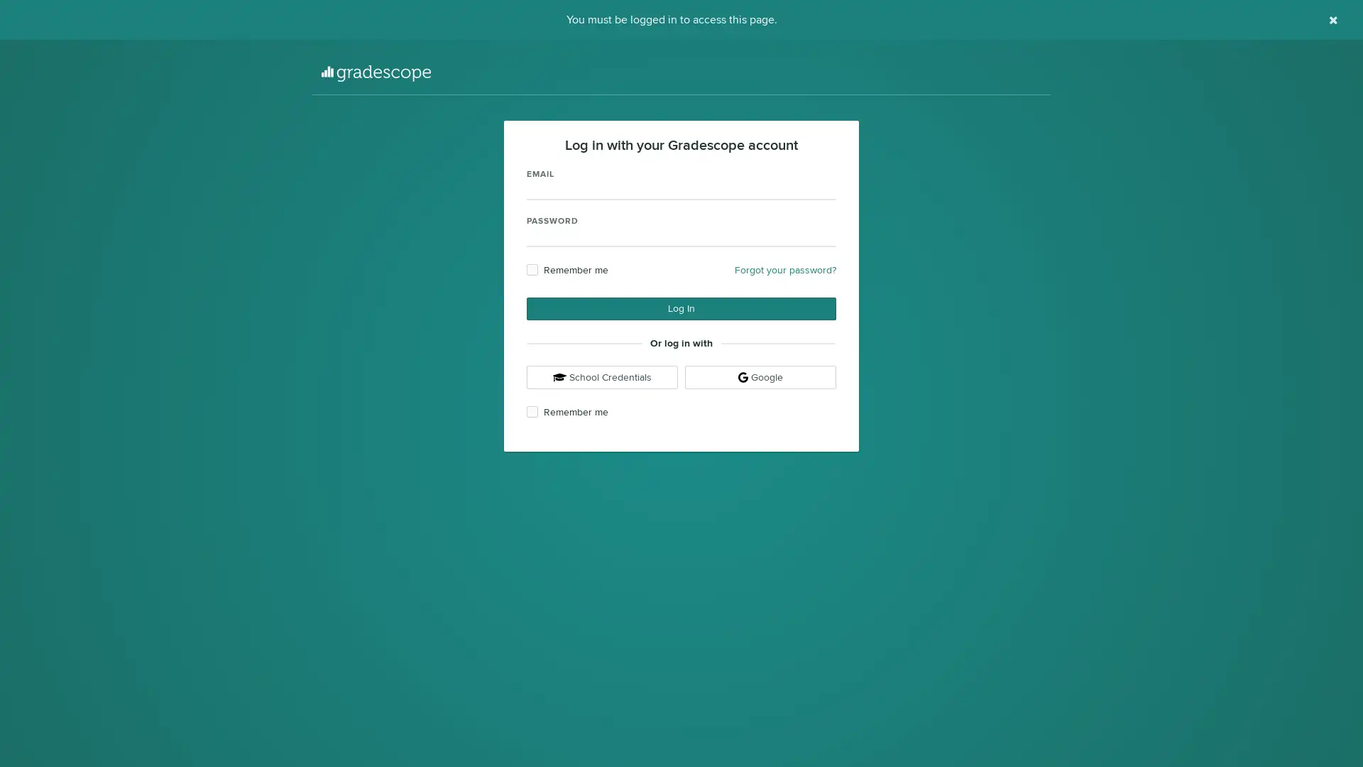 The height and width of the screenshot is (767, 1363). What do you see at coordinates (681, 308) in the screenshot?
I see `Log In` at bounding box center [681, 308].